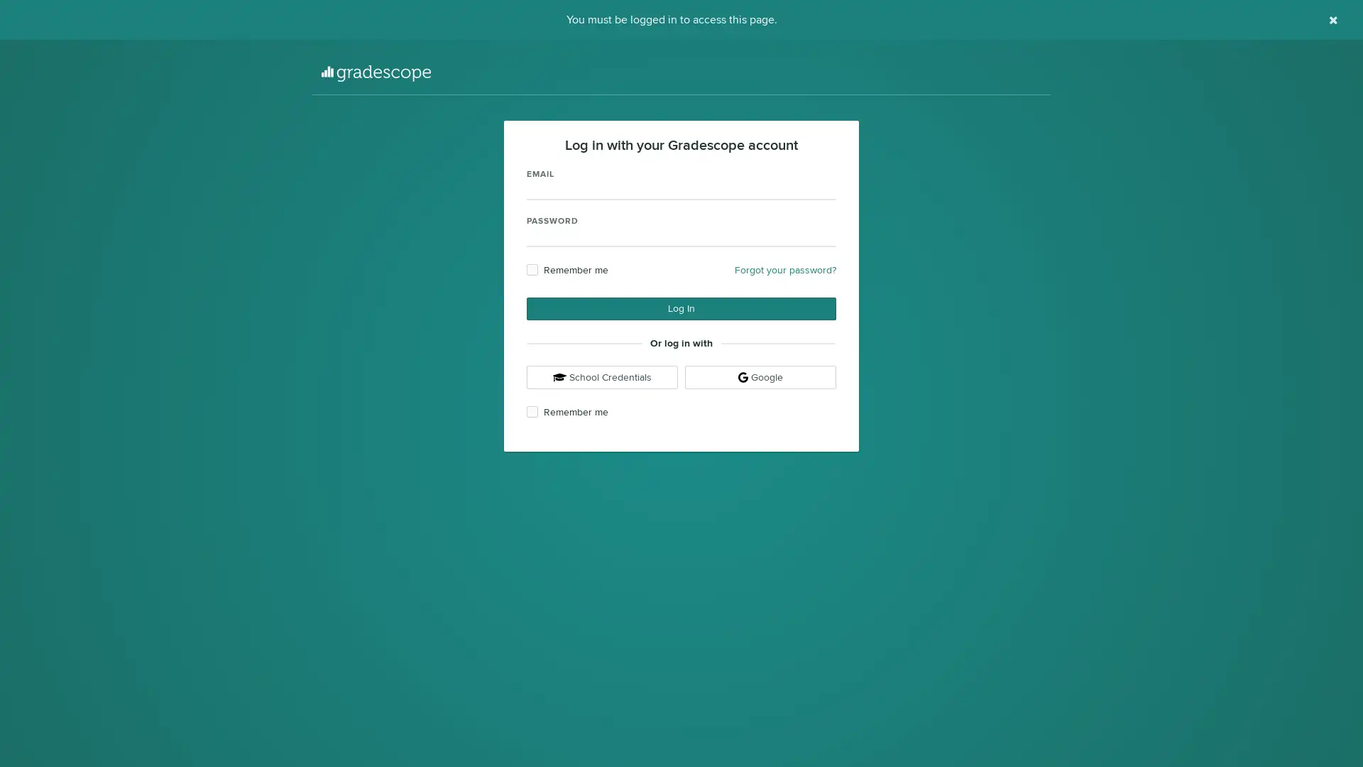 The height and width of the screenshot is (767, 1363). What do you see at coordinates (681, 308) in the screenshot?
I see `Log In` at bounding box center [681, 308].